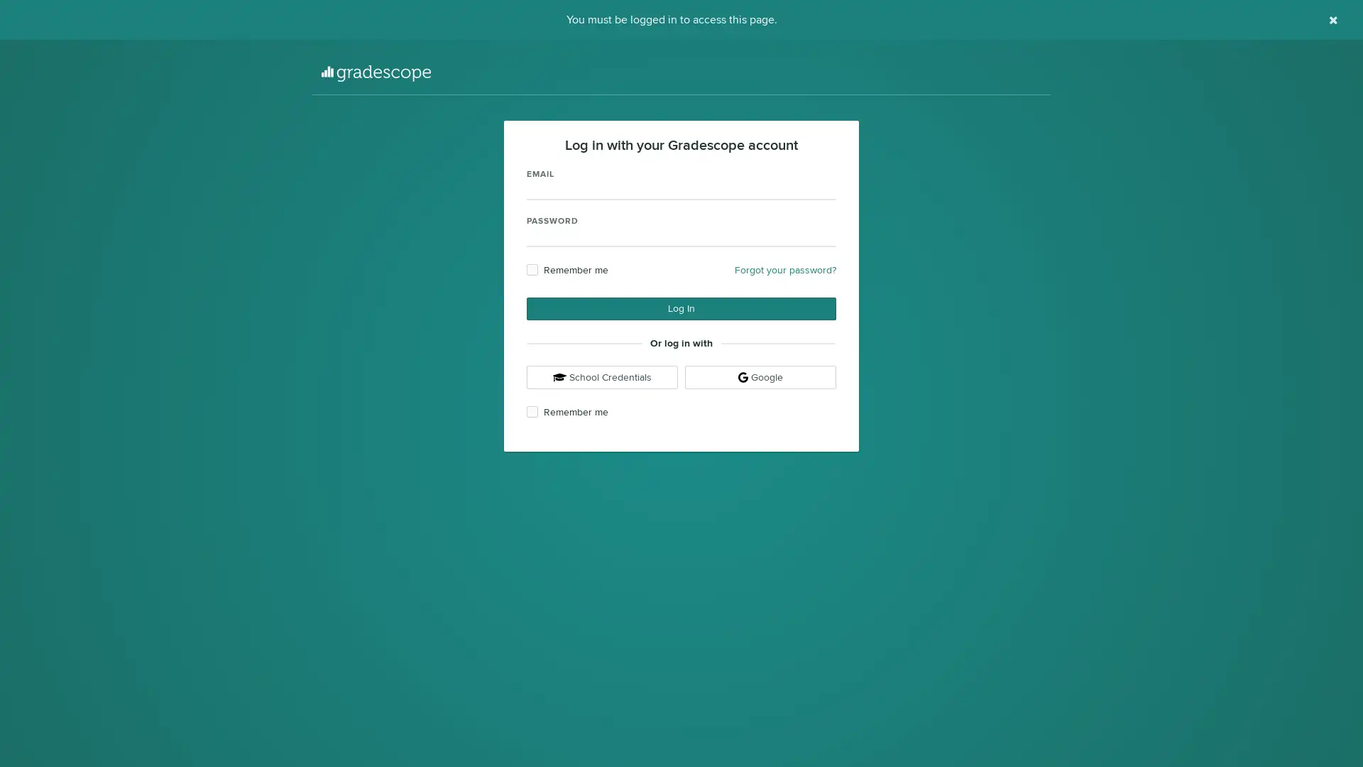 The height and width of the screenshot is (767, 1363). What do you see at coordinates (681, 308) in the screenshot?
I see `Log In` at bounding box center [681, 308].